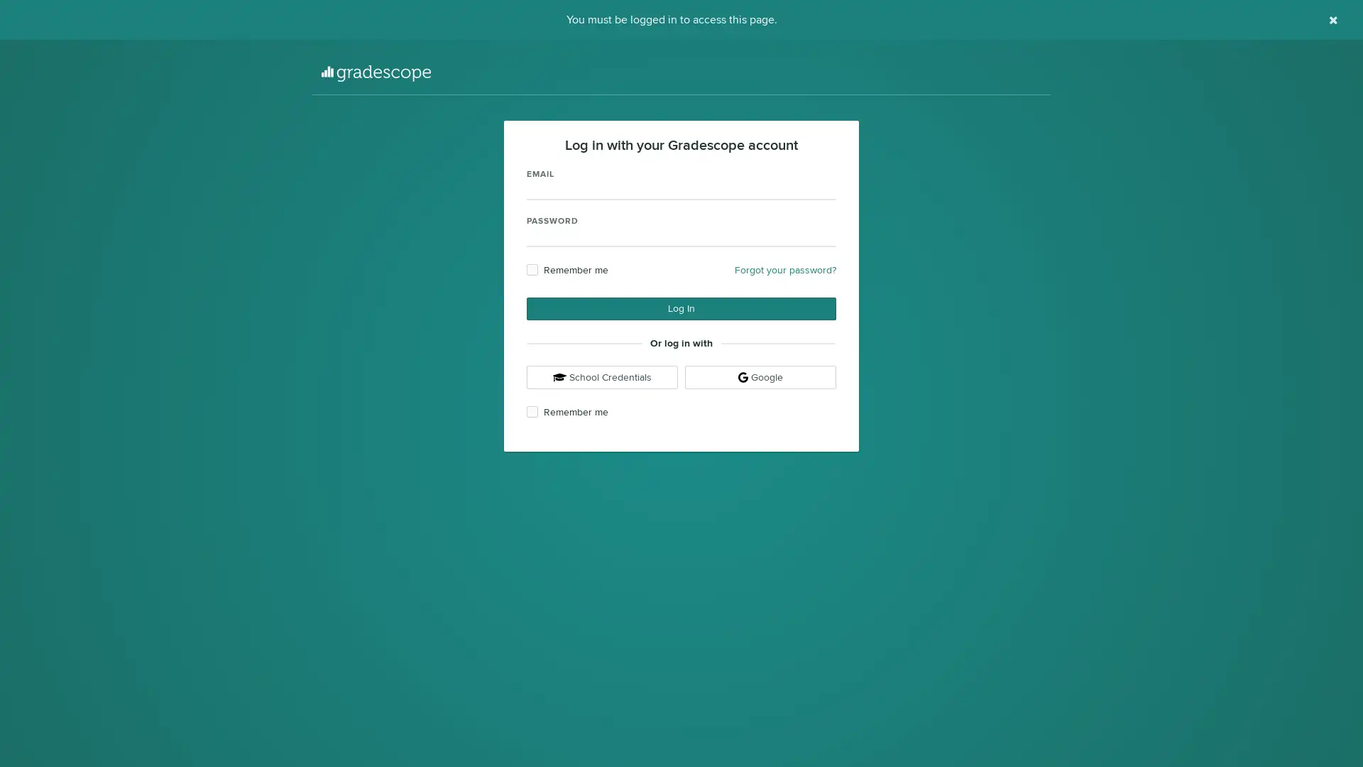 The height and width of the screenshot is (767, 1363). What do you see at coordinates (681, 308) in the screenshot?
I see `Log In` at bounding box center [681, 308].